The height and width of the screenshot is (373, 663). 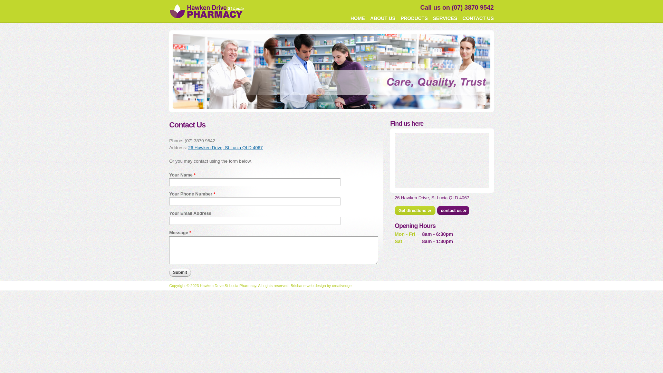 What do you see at coordinates (414, 18) in the screenshot?
I see `'PRODUCTS'` at bounding box center [414, 18].